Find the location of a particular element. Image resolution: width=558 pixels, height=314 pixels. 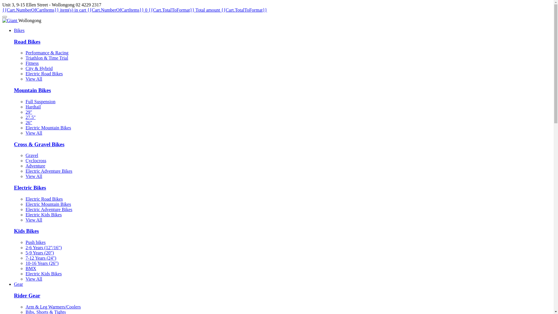

'Fitness' is located at coordinates (32, 63).